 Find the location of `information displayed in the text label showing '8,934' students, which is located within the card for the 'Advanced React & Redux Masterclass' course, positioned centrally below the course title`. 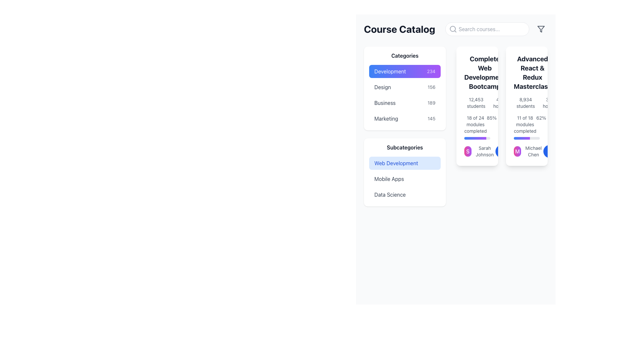

information displayed in the text label showing '8,934' students, which is located within the card for the 'Advanced React & Redux Masterclass' course, positioned centrally below the course title is located at coordinates (527, 103).